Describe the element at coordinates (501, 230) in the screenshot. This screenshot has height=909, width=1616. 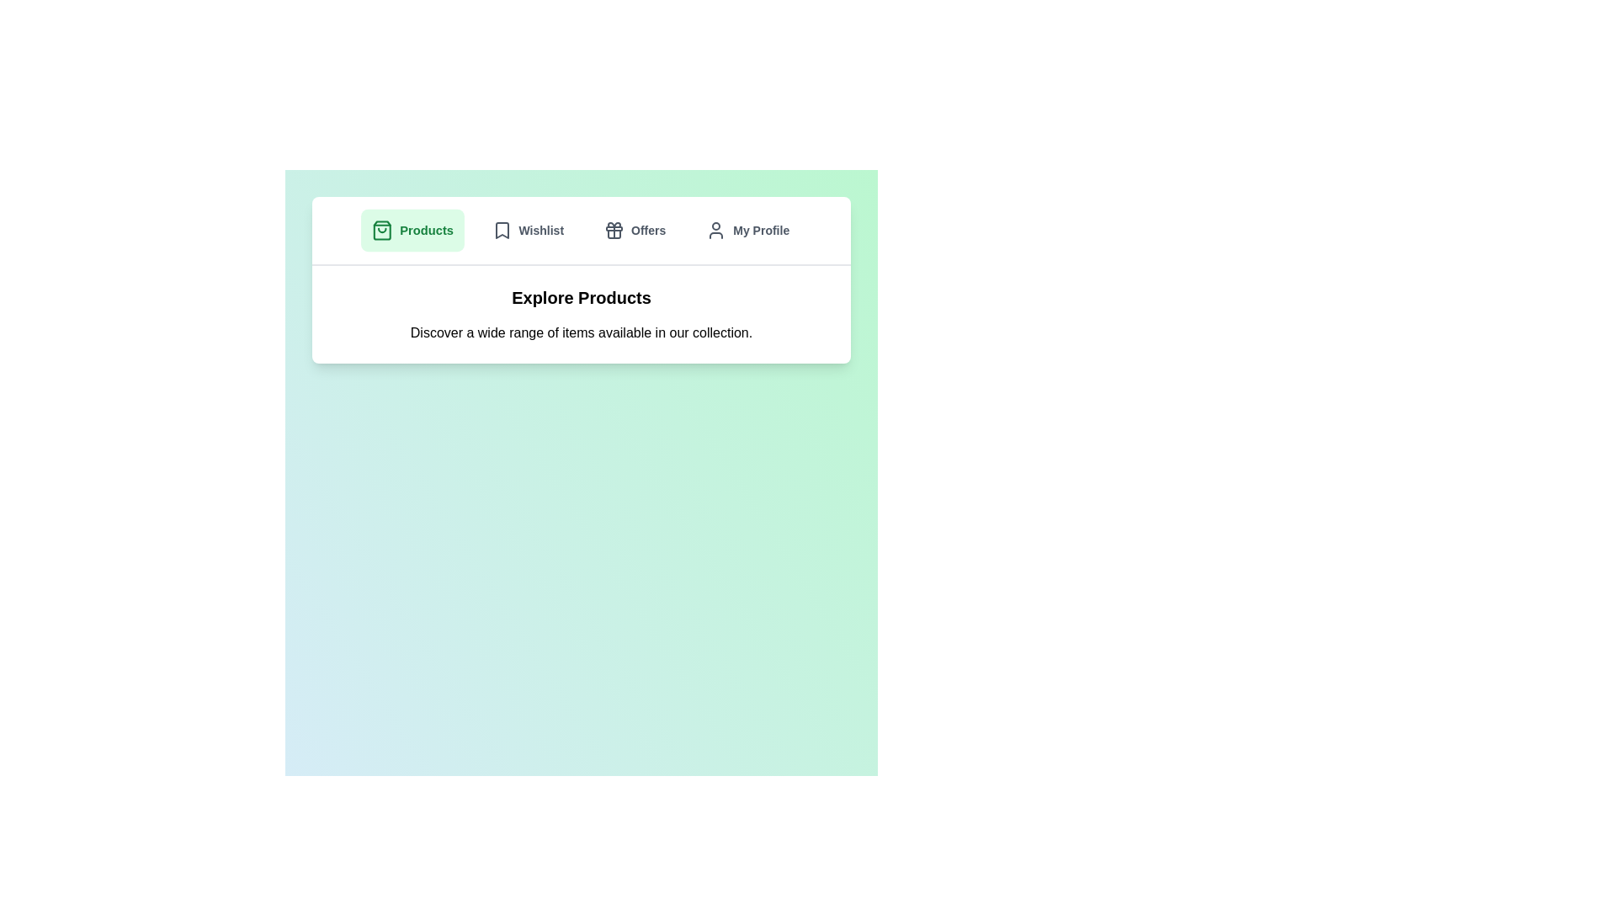
I see `the gray bookmark-shaped icon located inside the 'Wishlist' button in the navigation bar` at that location.